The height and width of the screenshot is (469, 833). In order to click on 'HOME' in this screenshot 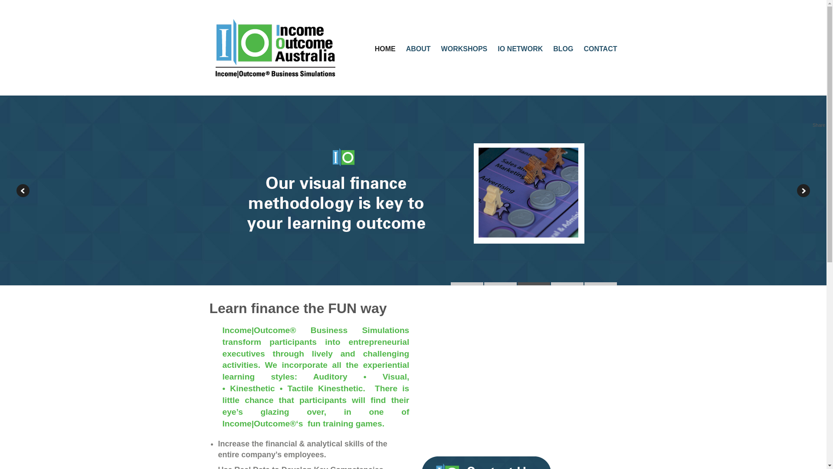, I will do `click(385, 49)`.